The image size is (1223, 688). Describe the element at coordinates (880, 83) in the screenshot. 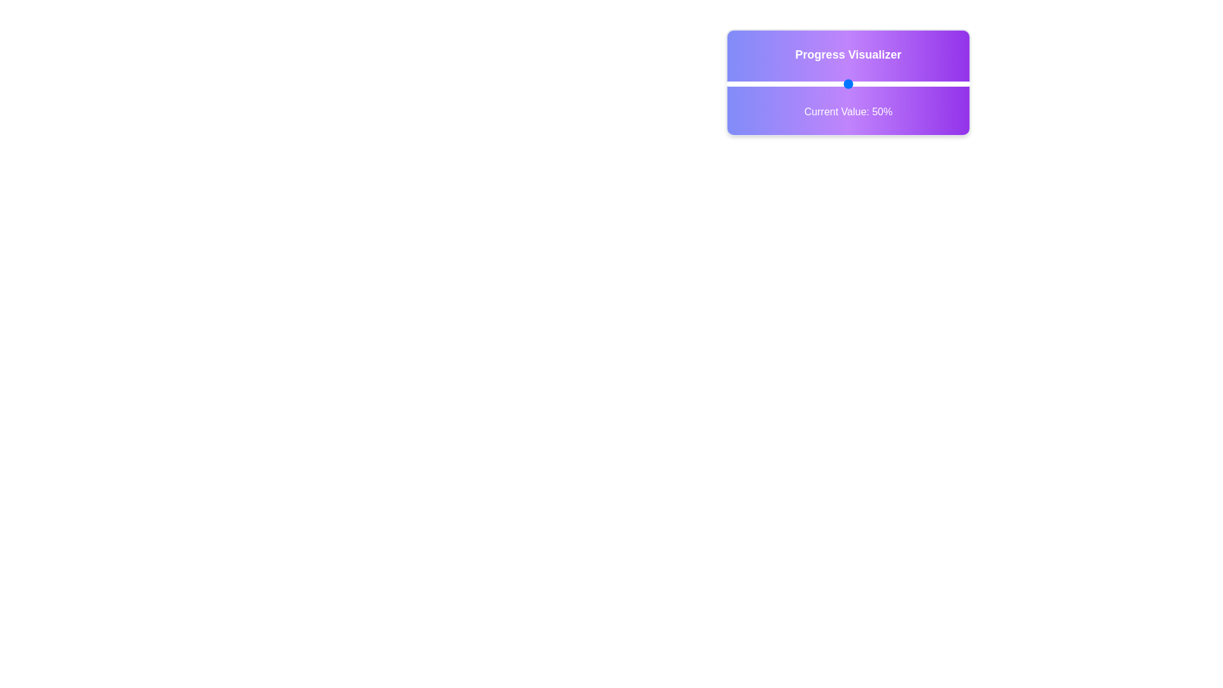

I see `the slider to set the progress value to 63` at that location.